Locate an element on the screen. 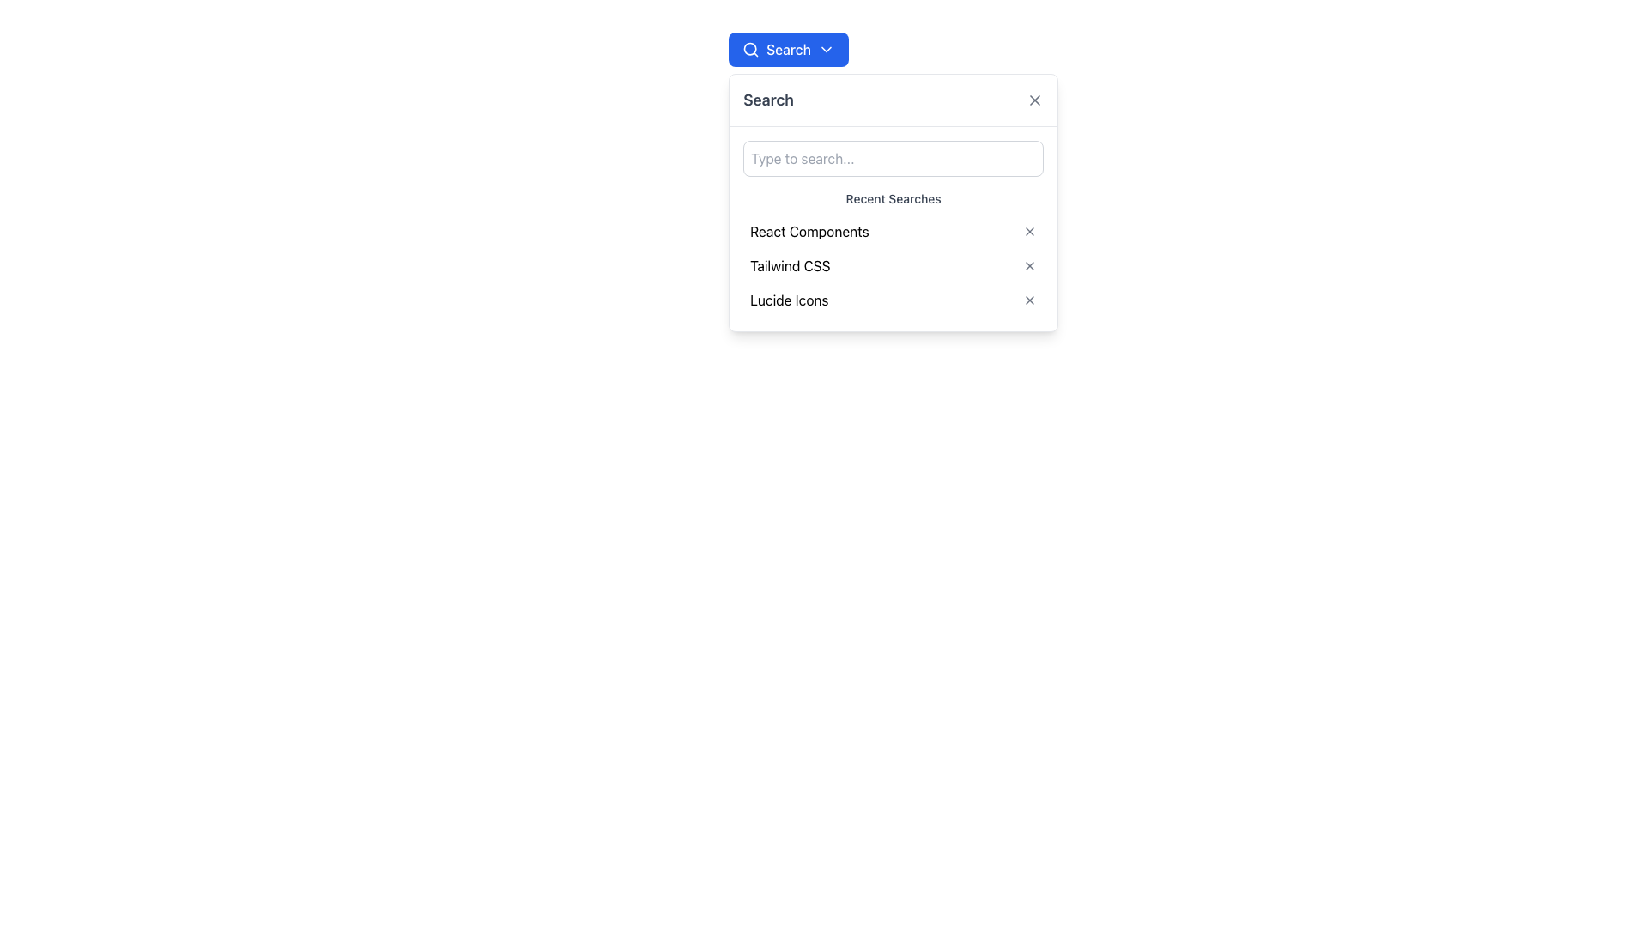  the second list item under the 'Recent Searches' section that displays 'Tailwind CSS' is located at coordinates (893, 265).